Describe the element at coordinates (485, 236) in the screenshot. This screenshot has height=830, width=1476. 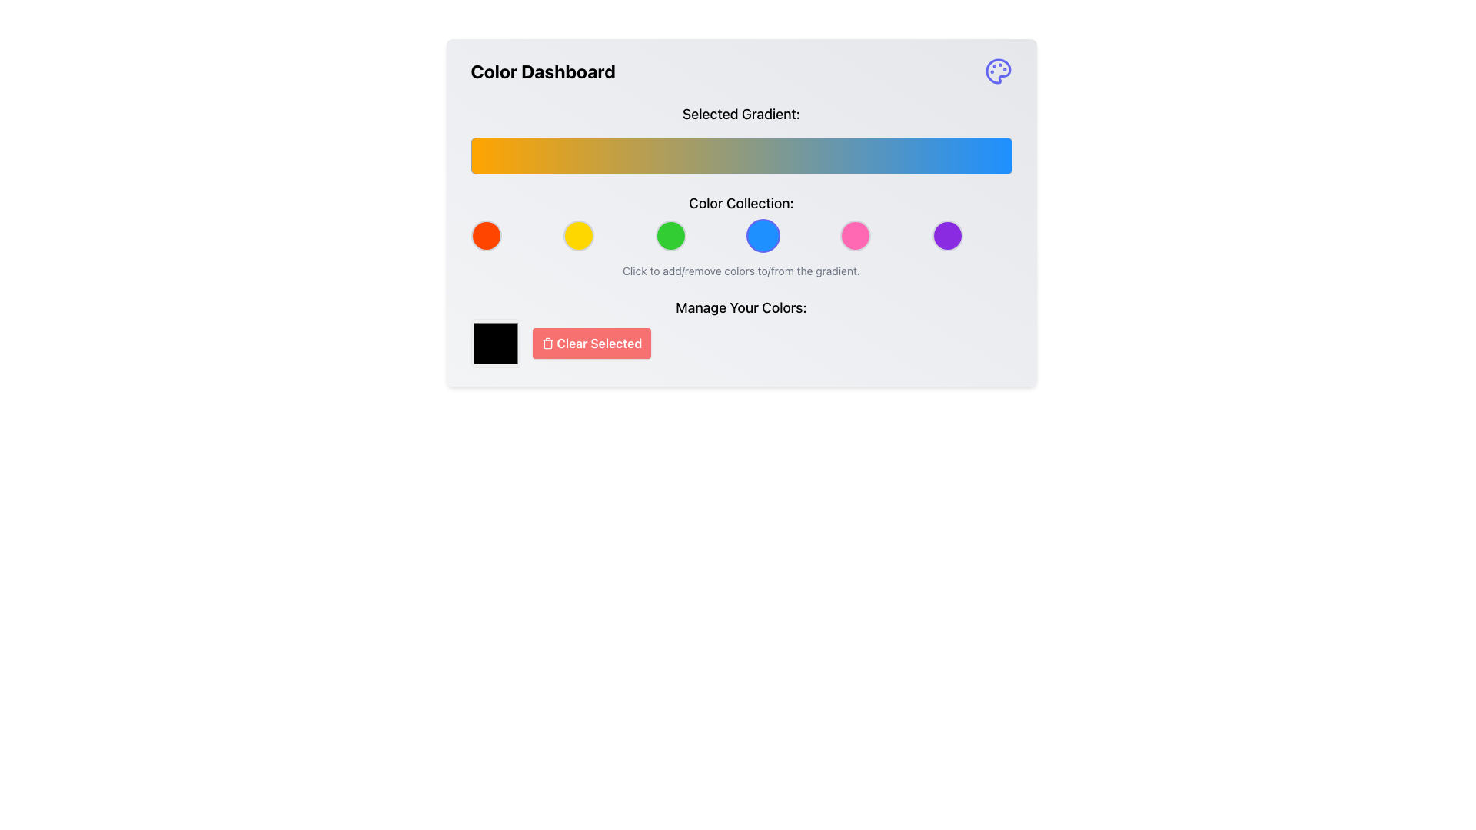
I see `the first circular button that serves as a selectable red color option` at that location.